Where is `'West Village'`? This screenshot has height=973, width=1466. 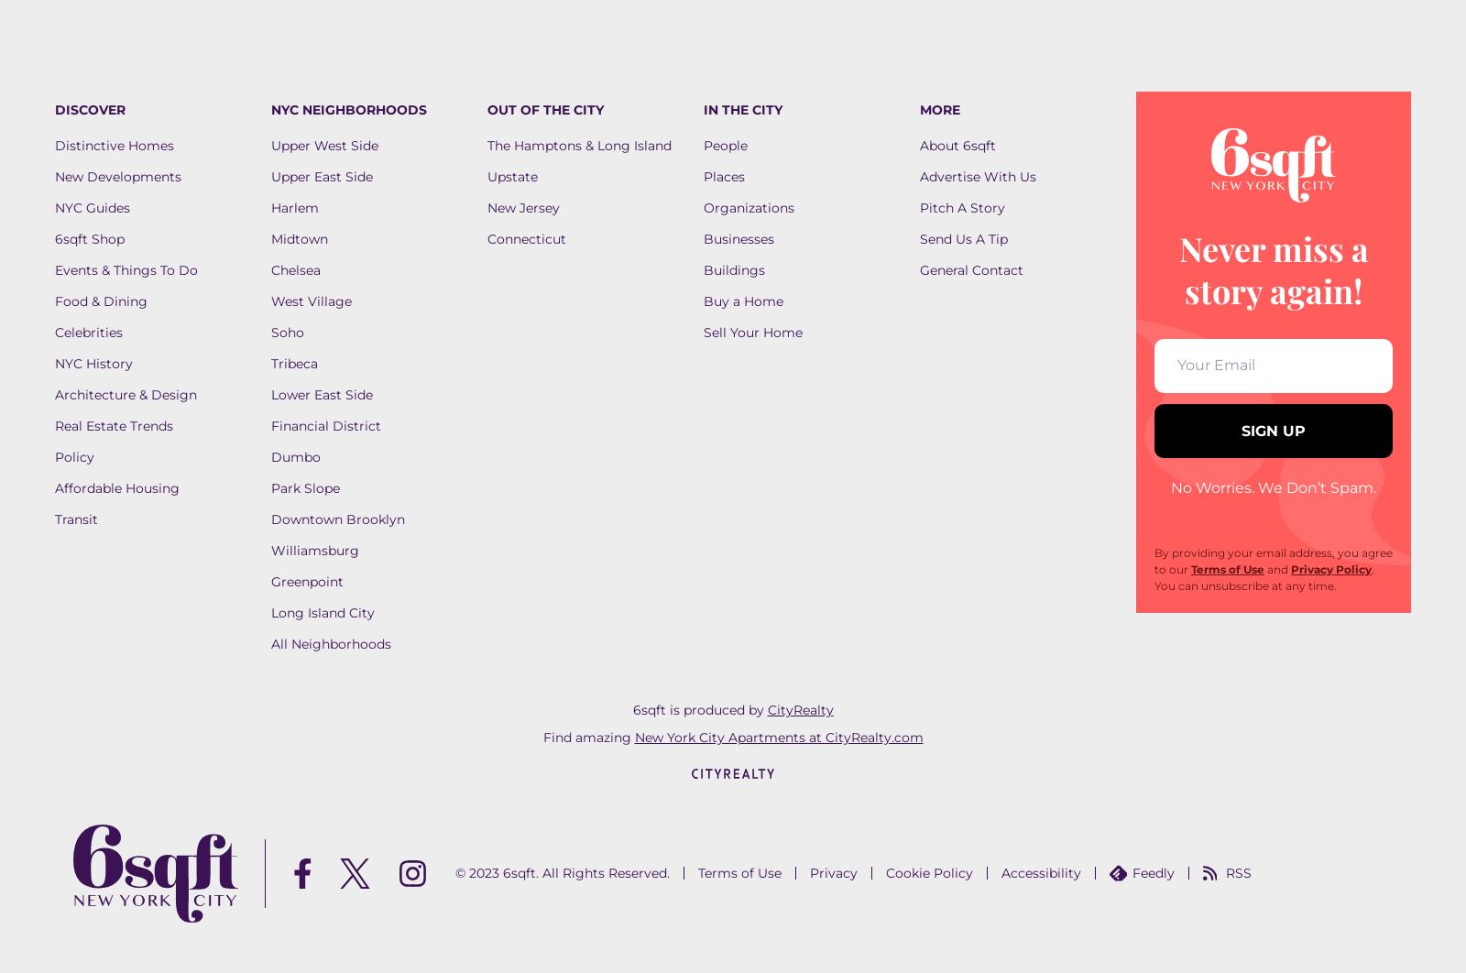 'West Village' is located at coordinates (312, 300).